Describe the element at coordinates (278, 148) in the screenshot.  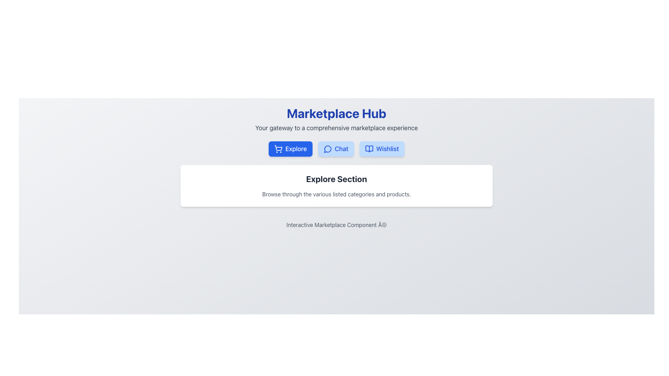
I see `the 'Explore' button represented by the shopping cart SVG icon, which is the first button in the row under the 'Marketplace Hub' heading` at that location.